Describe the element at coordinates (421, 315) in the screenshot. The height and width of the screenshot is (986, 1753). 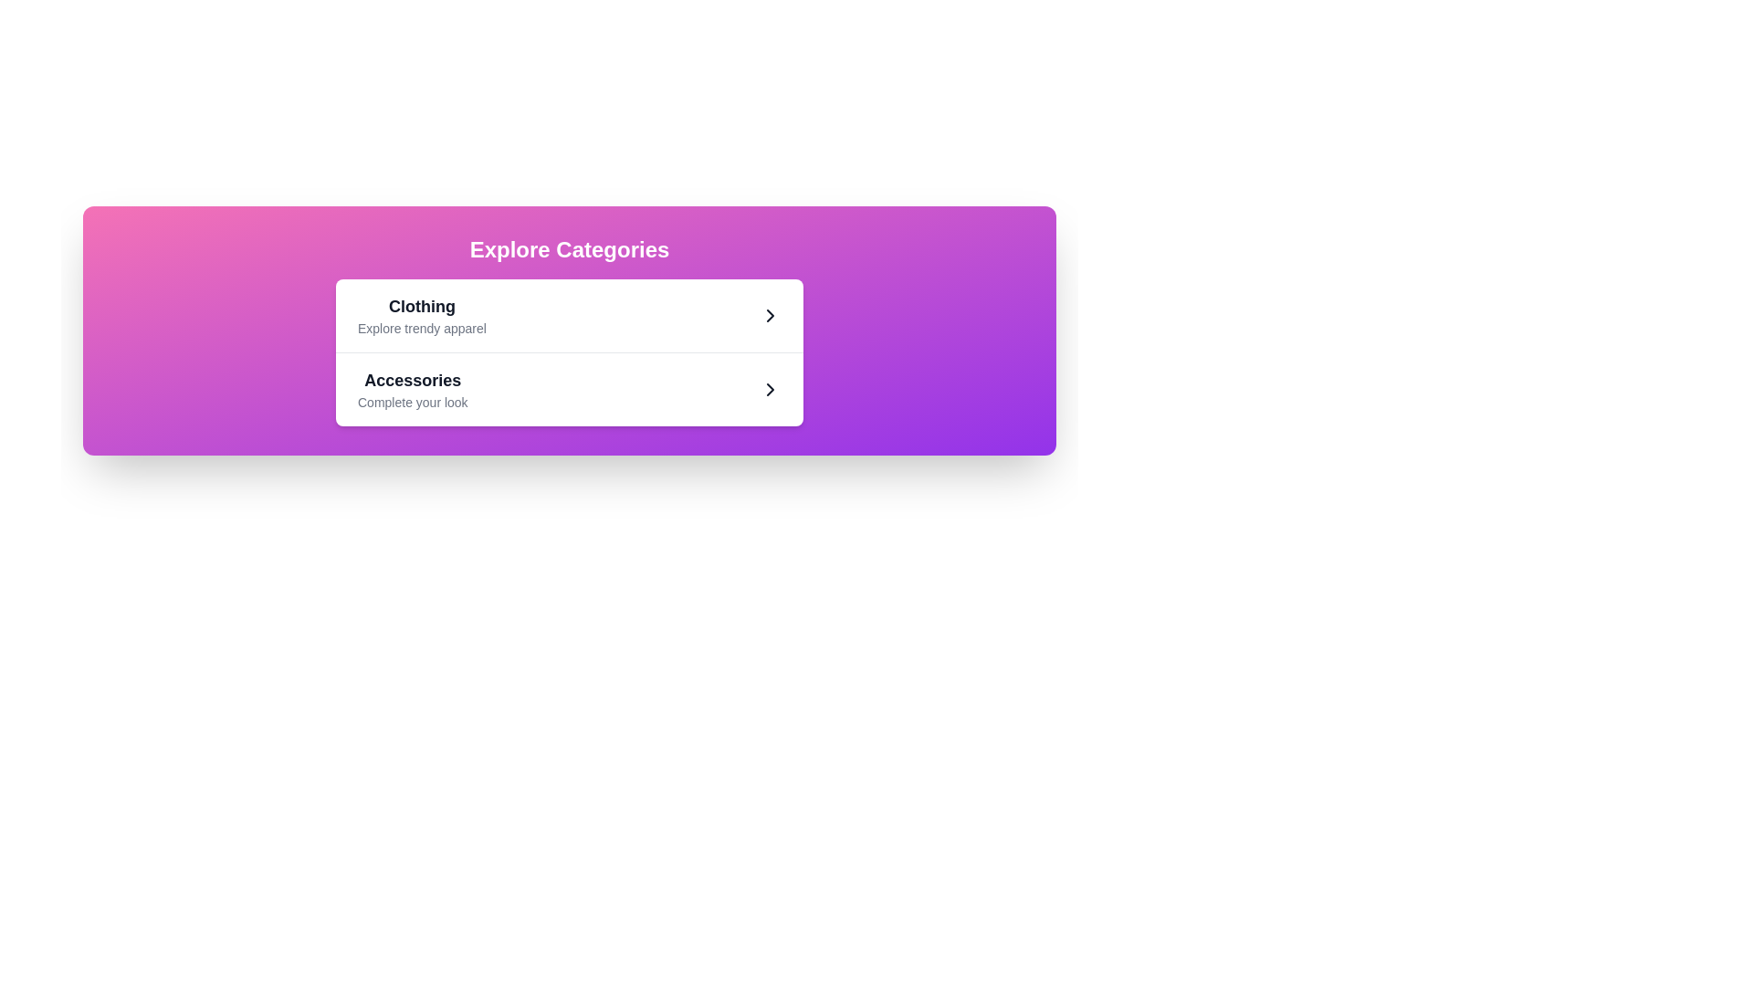
I see `the card containing the text block with the title 'Clothing' and subtitle 'Explore trendy apparel' located in the first card of the 'Explore Categories' section` at that location.